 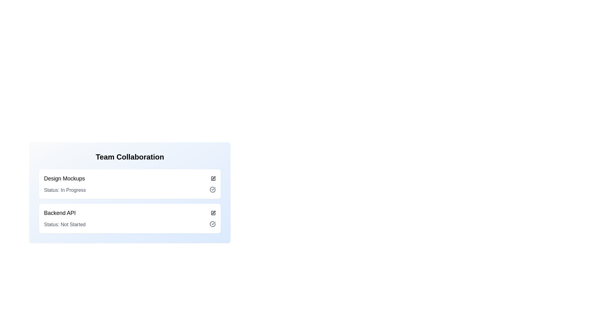 What do you see at coordinates (65, 190) in the screenshot?
I see `the progress status label for the task 'Design Mockups' located under 'Team Collaboration'` at bounding box center [65, 190].